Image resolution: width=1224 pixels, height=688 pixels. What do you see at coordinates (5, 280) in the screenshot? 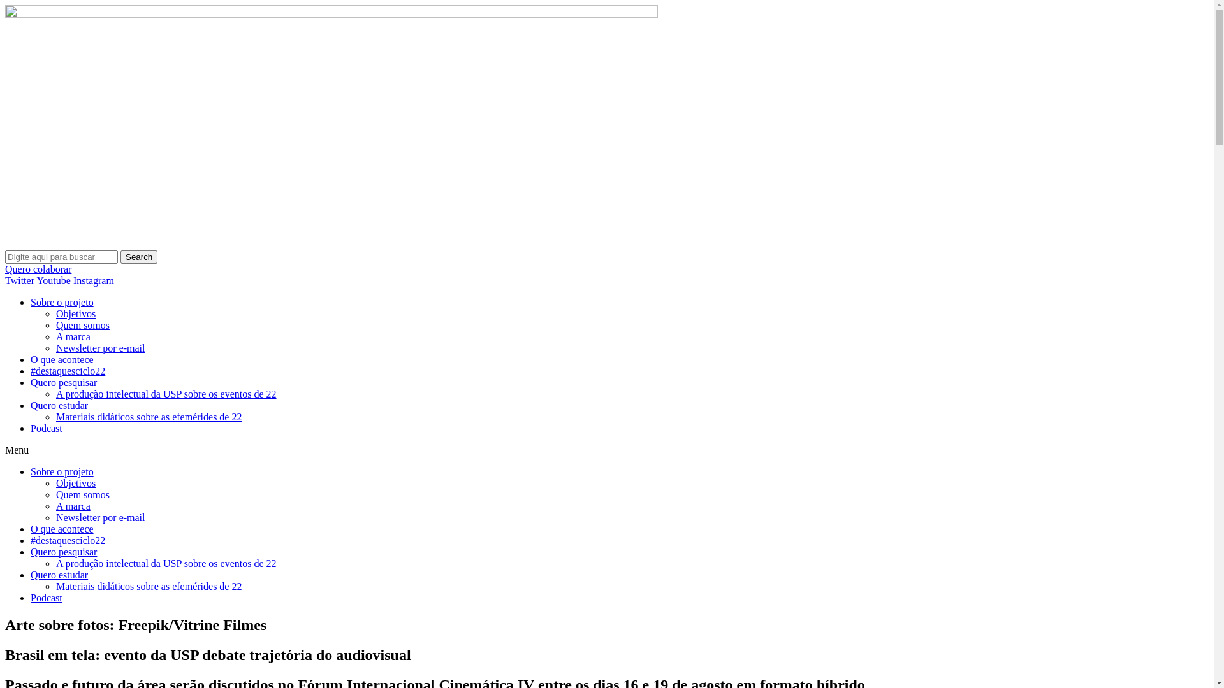
I see `'Twitter'` at bounding box center [5, 280].